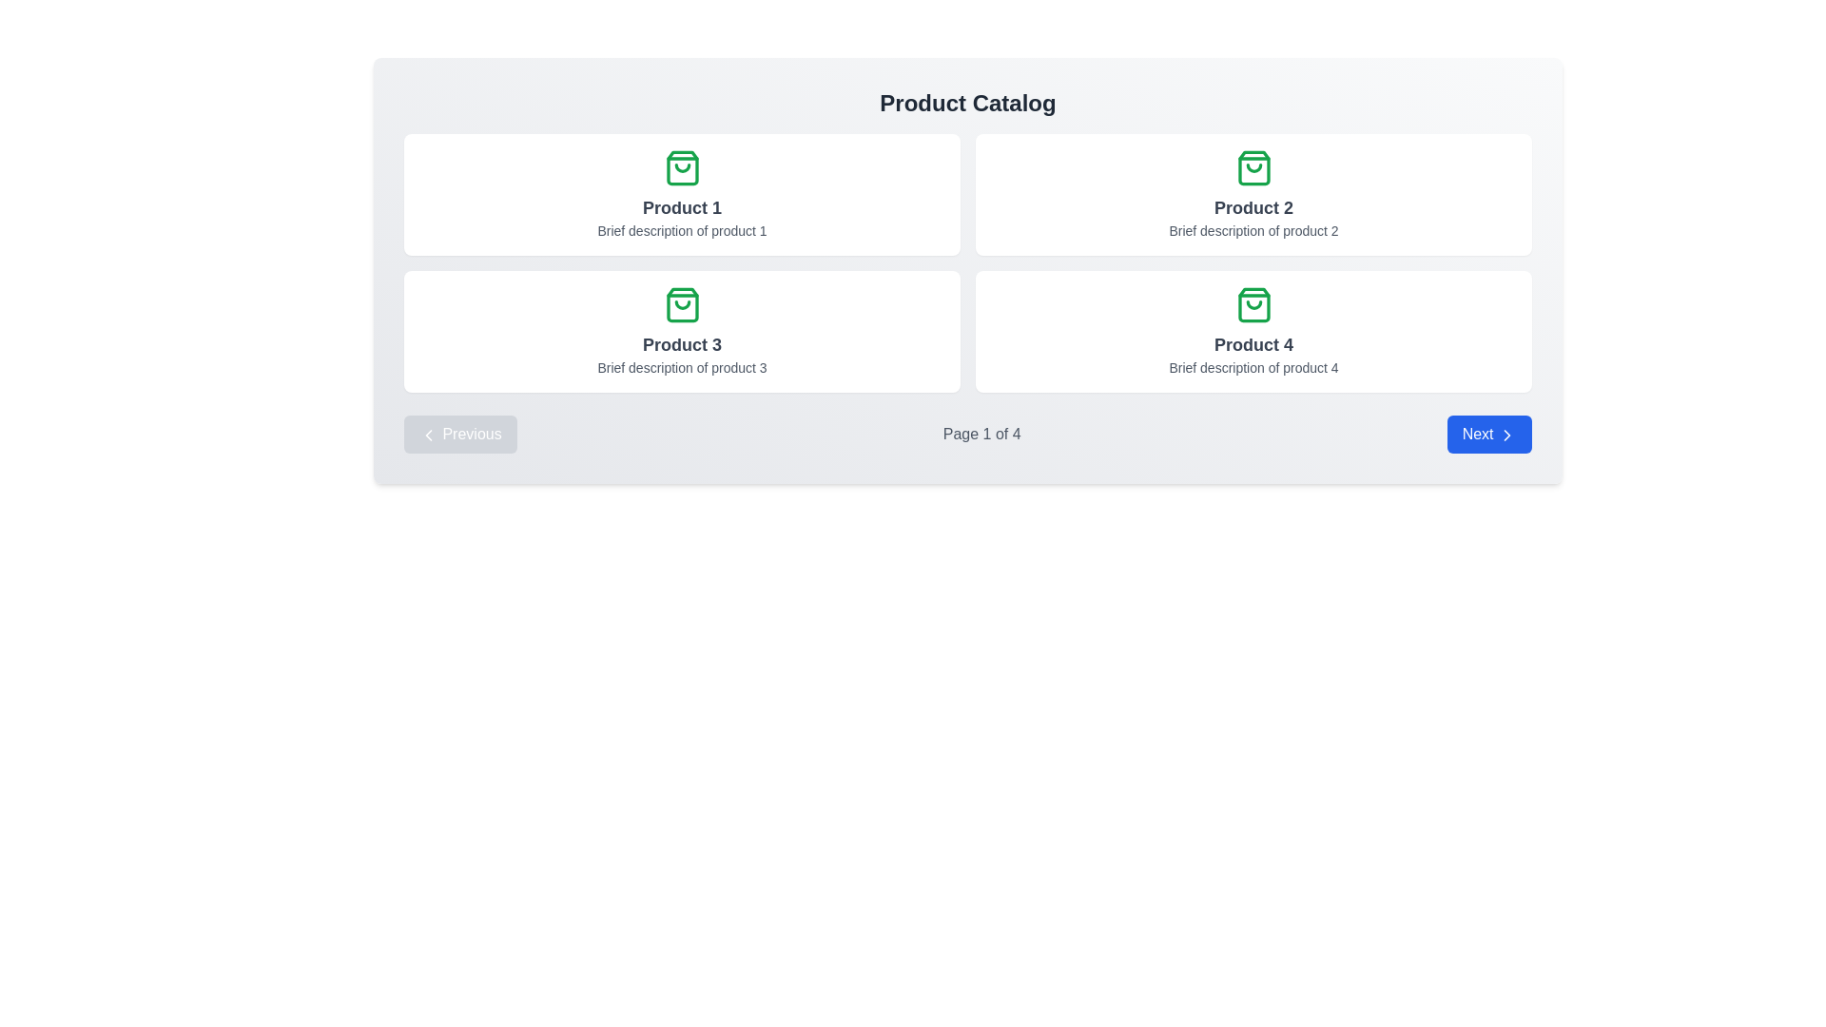 Image resolution: width=1826 pixels, height=1027 pixels. Describe the element at coordinates (682, 194) in the screenshot. I see `the product card located in the first row, first column of the grid layout, which displays the product's name, description, and an icon` at that location.